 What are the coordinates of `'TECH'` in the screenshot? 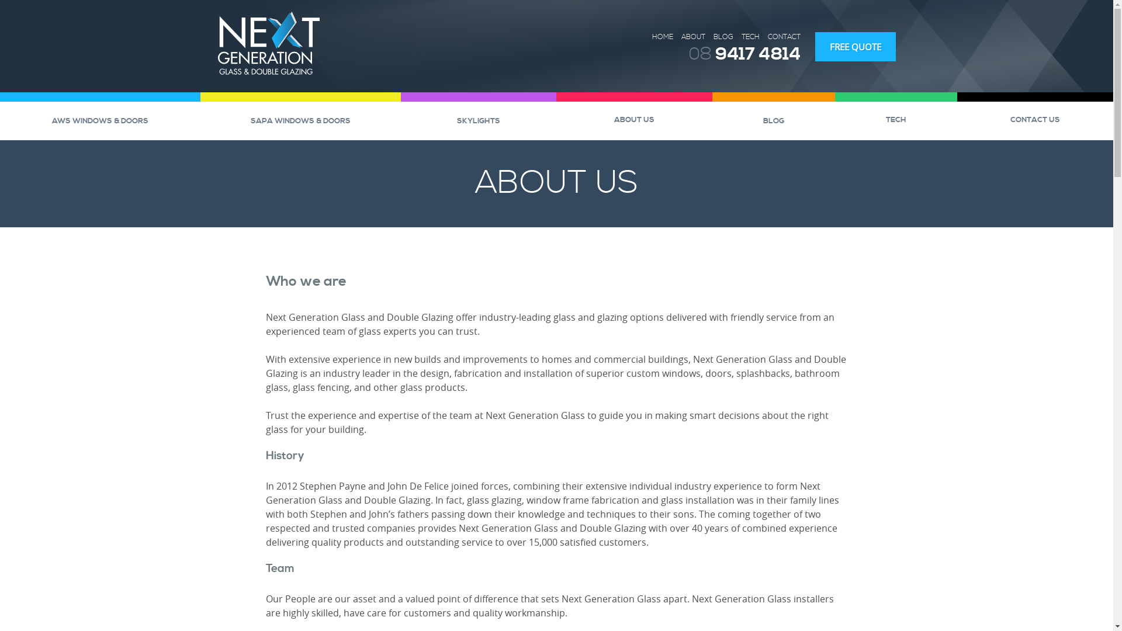 It's located at (834, 119).